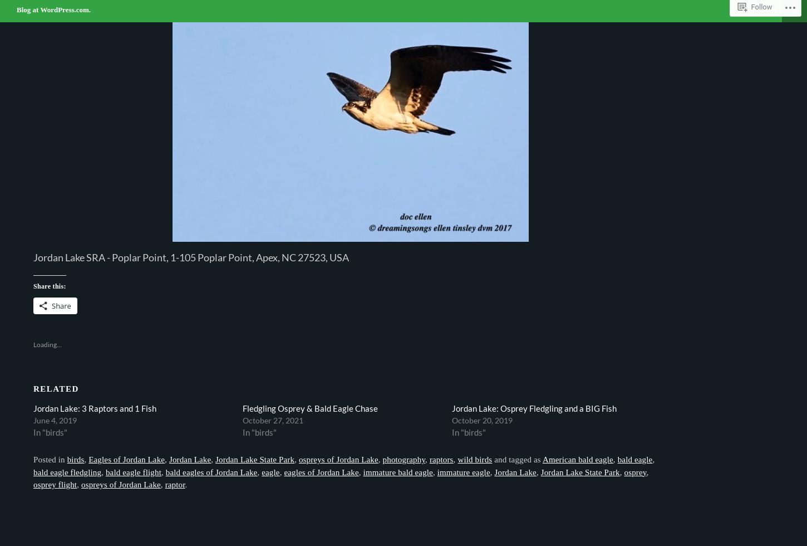 The image size is (807, 546). I want to click on 'Related', so click(56, 388).